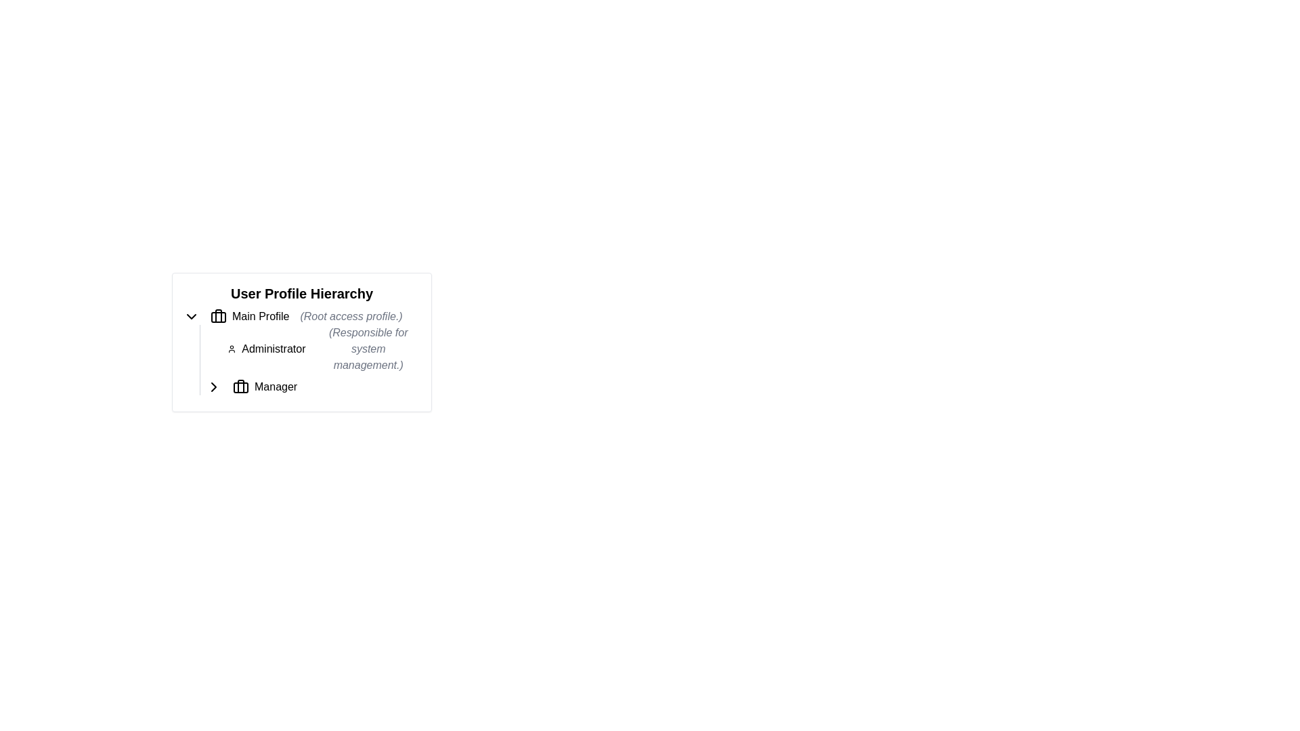  I want to click on the 'Main Profile' text label, so click(261, 316).